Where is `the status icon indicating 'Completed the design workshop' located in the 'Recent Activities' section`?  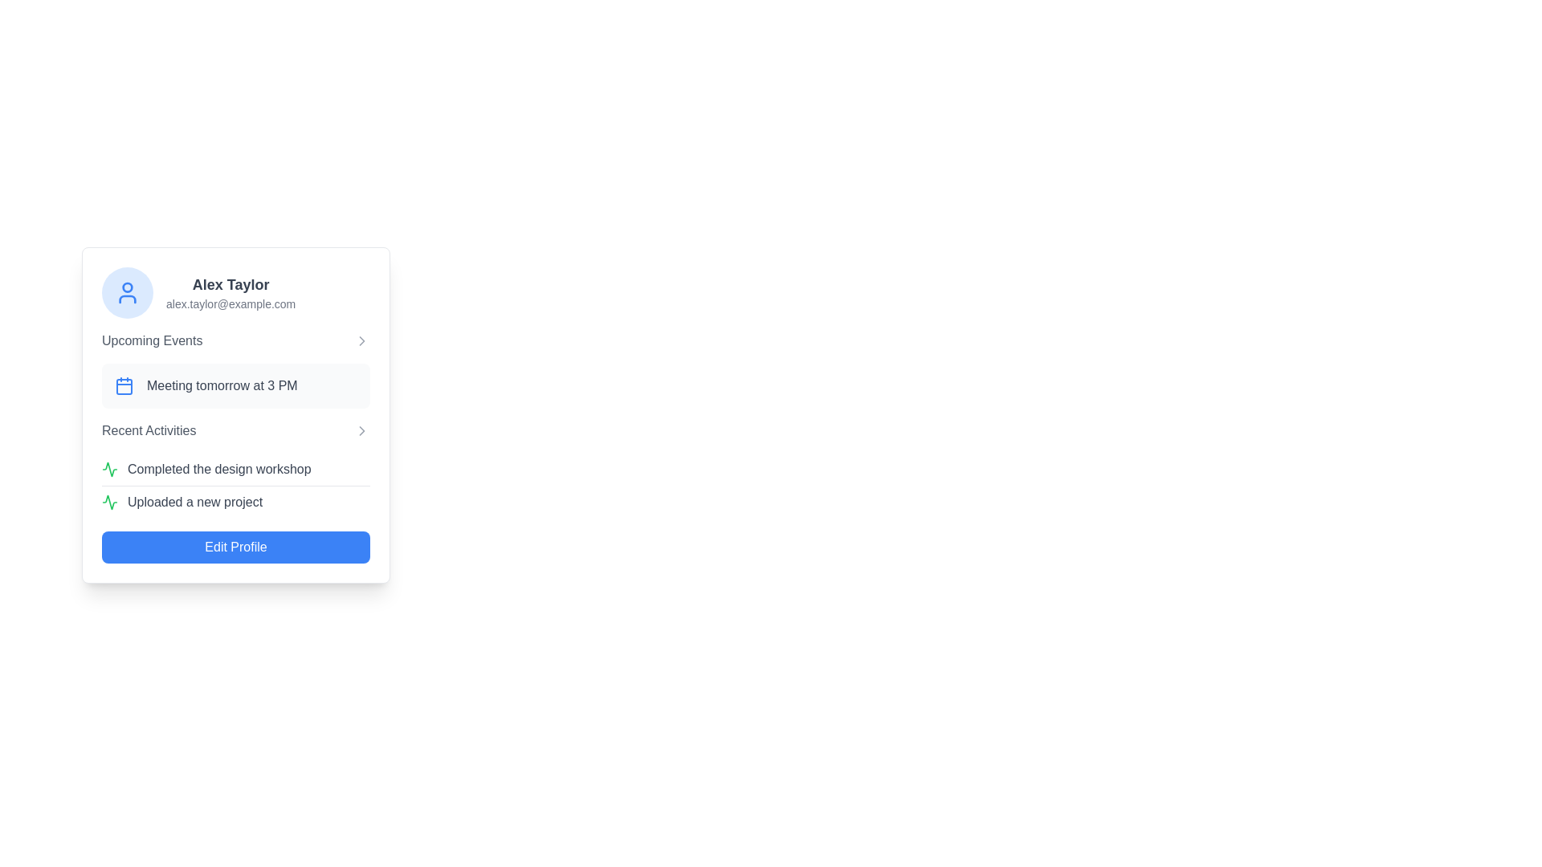 the status icon indicating 'Completed the design workshop' located in the 'Recent Activities' section is located at coordinates (109, 501).